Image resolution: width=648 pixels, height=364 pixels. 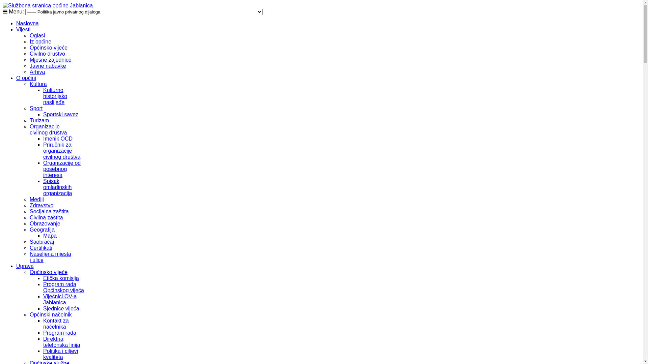 What do you see at coordinates (43, 114) in the screenshot?
I see `'Sportski savez'` at bounding box center [43, 114].